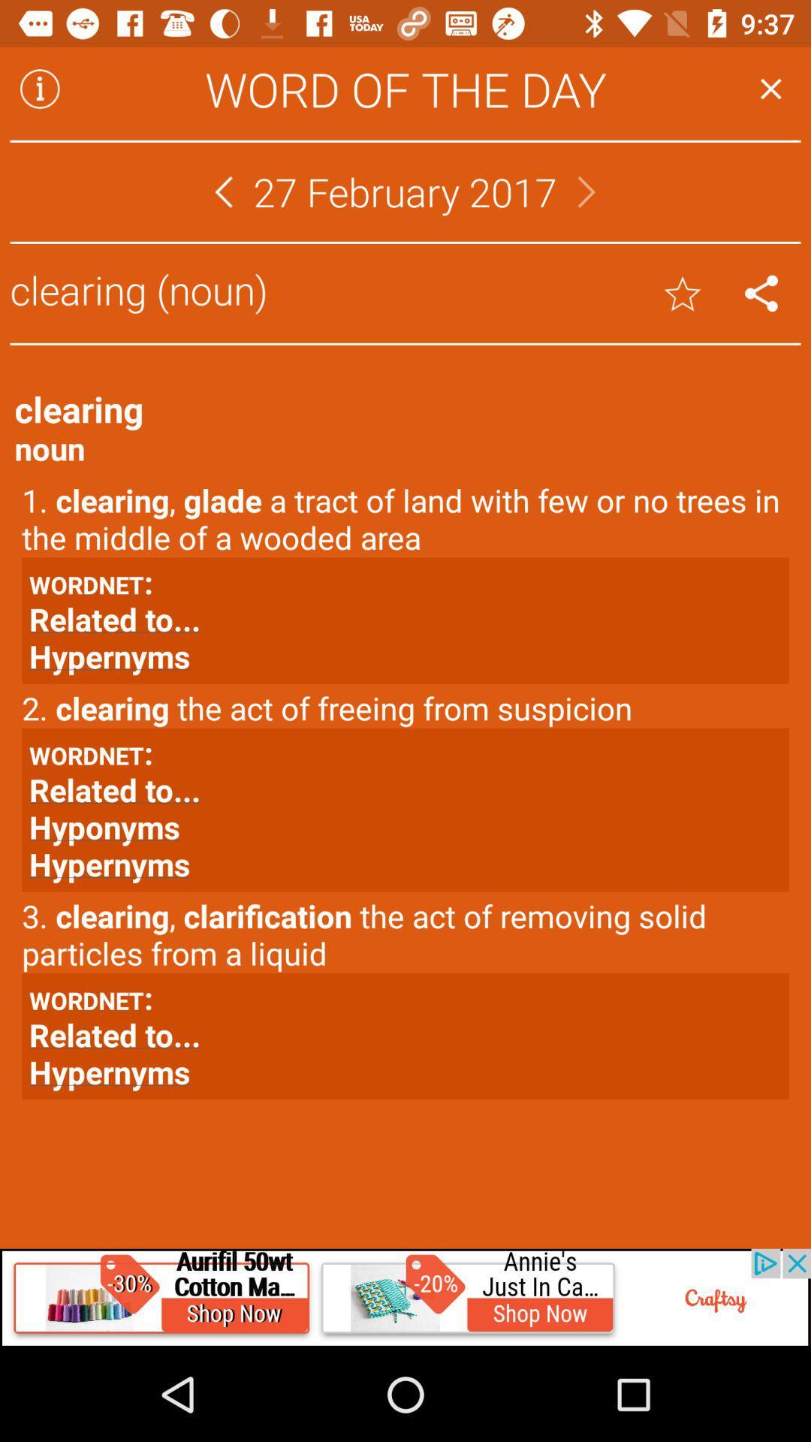 The width and height of the screenshot is (811, 1442). I want to click on clear button, so click(761, 293).